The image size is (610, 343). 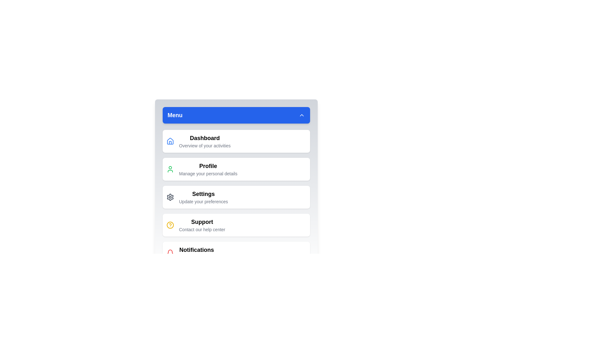 I want to click on the 'Profile' text label in the left navigation pane, which serves as a title for the 'Profile' section, so click(x=208, y=166).